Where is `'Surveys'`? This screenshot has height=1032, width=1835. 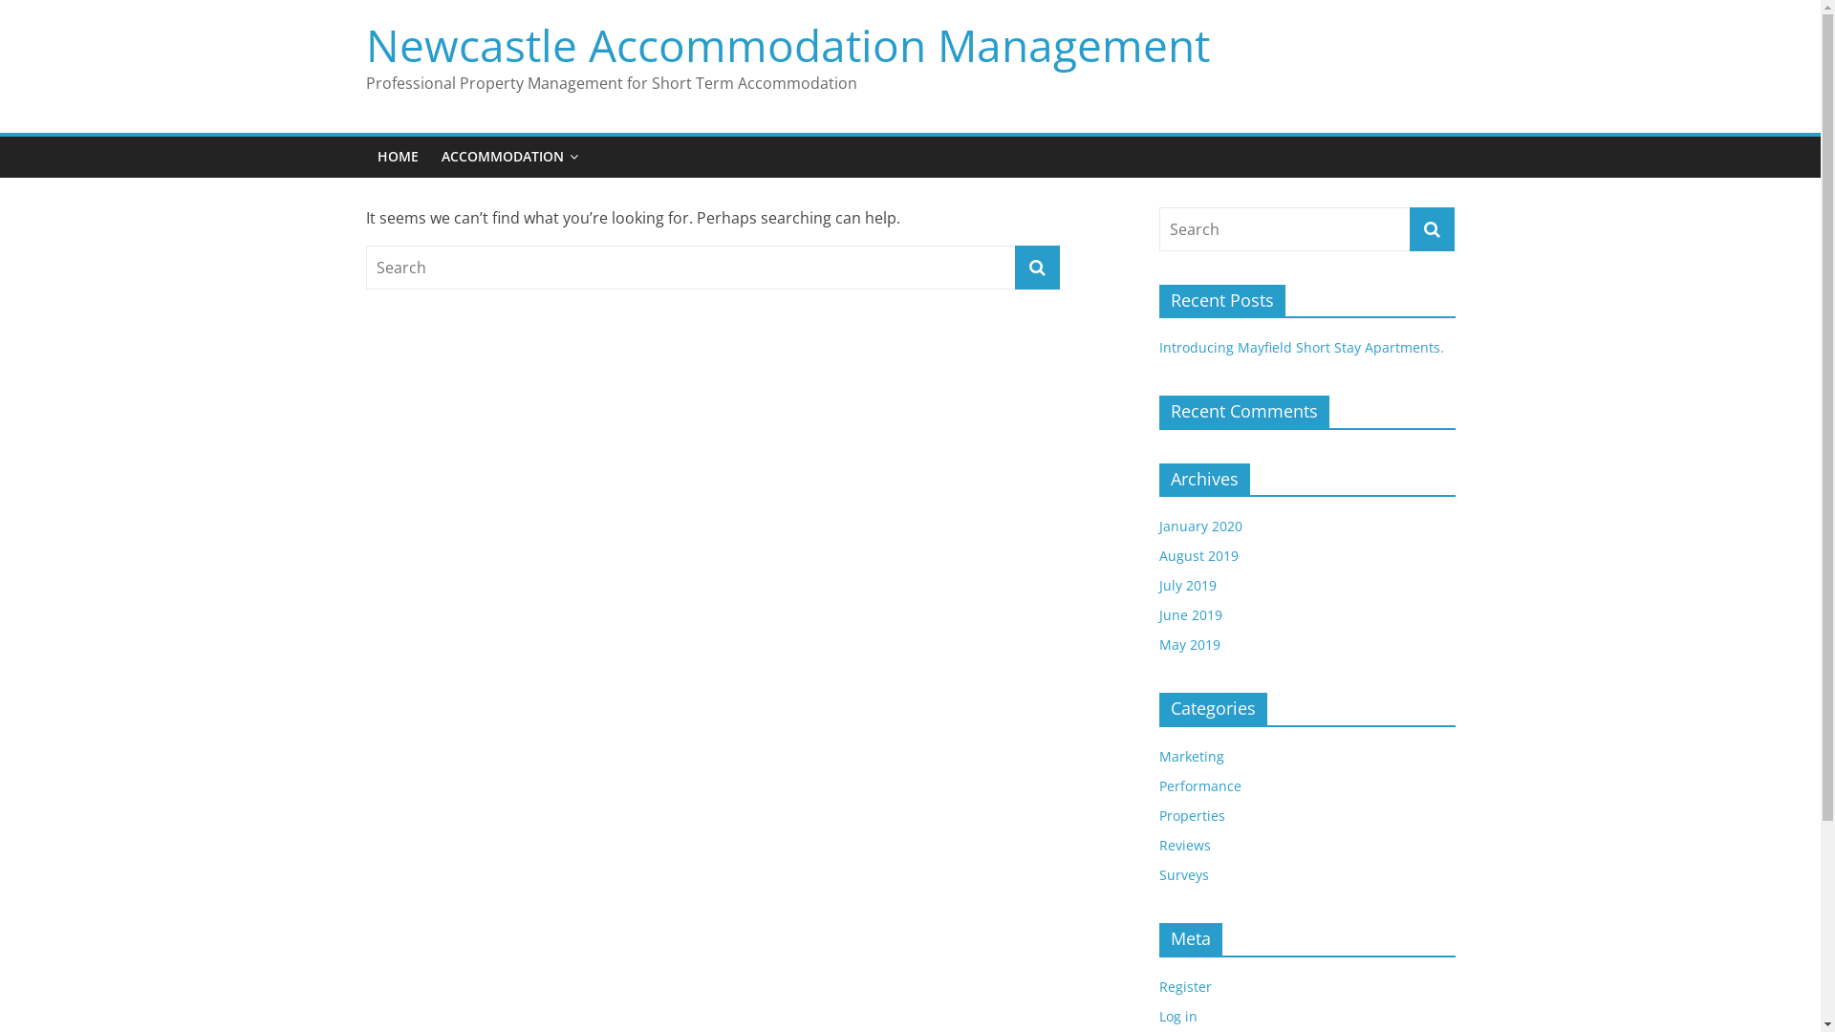
'Surveys' is located at coordinates (1182, 874).